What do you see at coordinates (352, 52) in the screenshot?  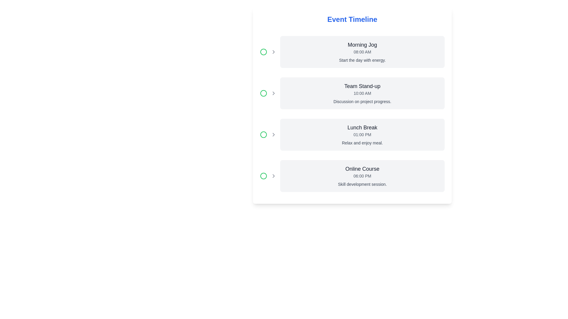 I see `the informational component displaying the event 'Morning Jog' with the time '08:00 AM' and description 'Start the day with energy.'` at bounding box center [352, 52].